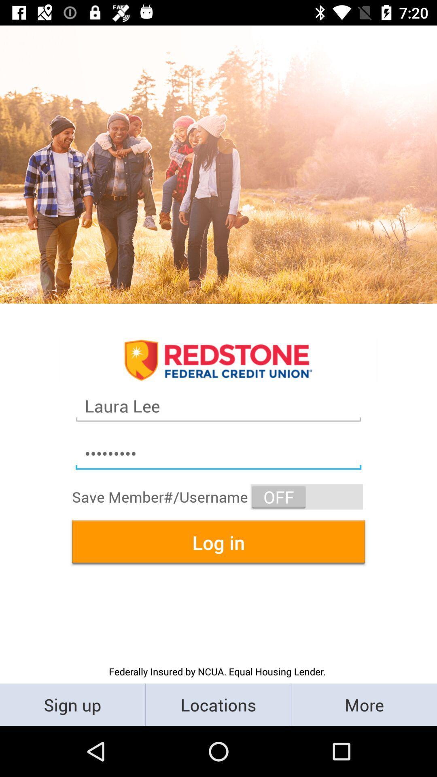 This screenshot has height=777, width=437. What do you see at coordinates (218, 542) in the screenshot?
I see `the log in` at bounding box center [218, 542].